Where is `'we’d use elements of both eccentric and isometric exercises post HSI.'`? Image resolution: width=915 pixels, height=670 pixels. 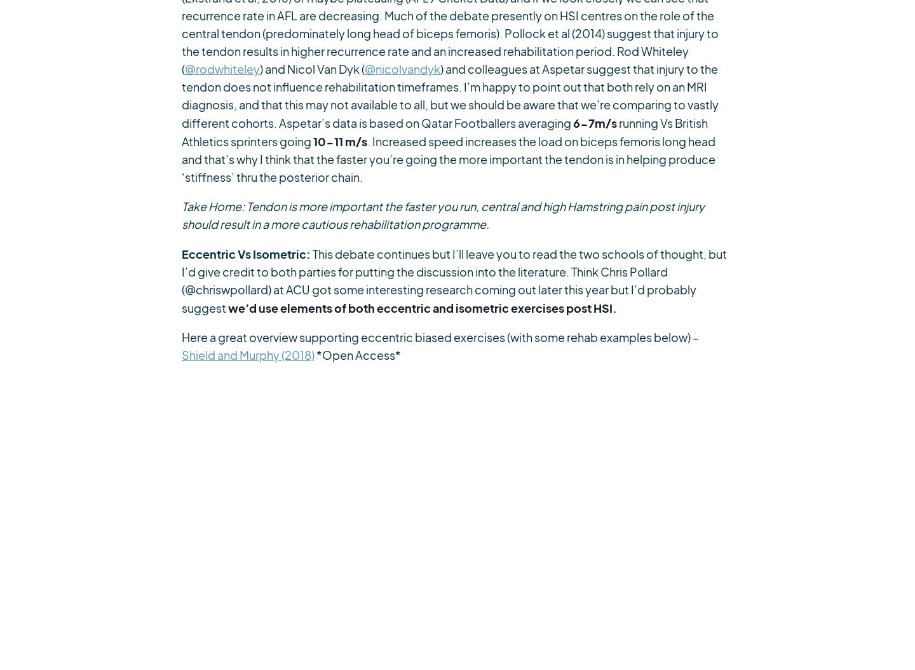
'we’d use elements of both eccentric and isometric exercises post HSI.' is located at coordinates (422, 307).